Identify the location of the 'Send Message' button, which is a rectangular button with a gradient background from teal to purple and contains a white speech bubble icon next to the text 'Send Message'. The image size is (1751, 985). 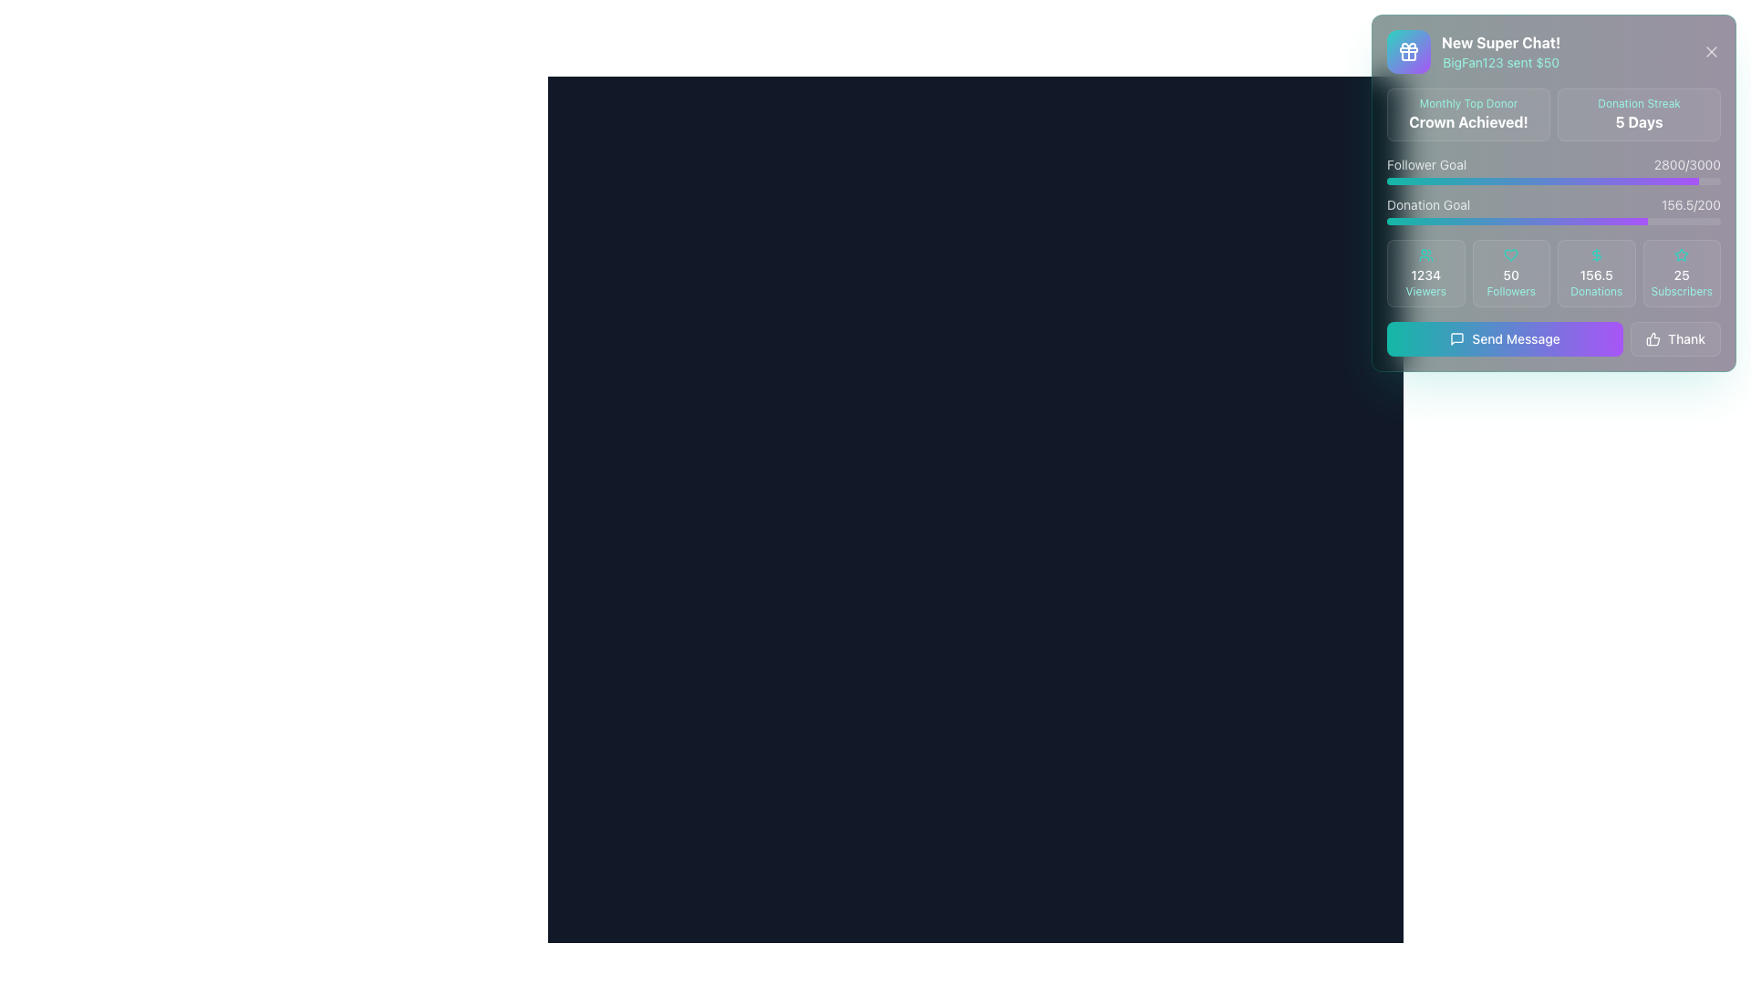
(1553, 338).